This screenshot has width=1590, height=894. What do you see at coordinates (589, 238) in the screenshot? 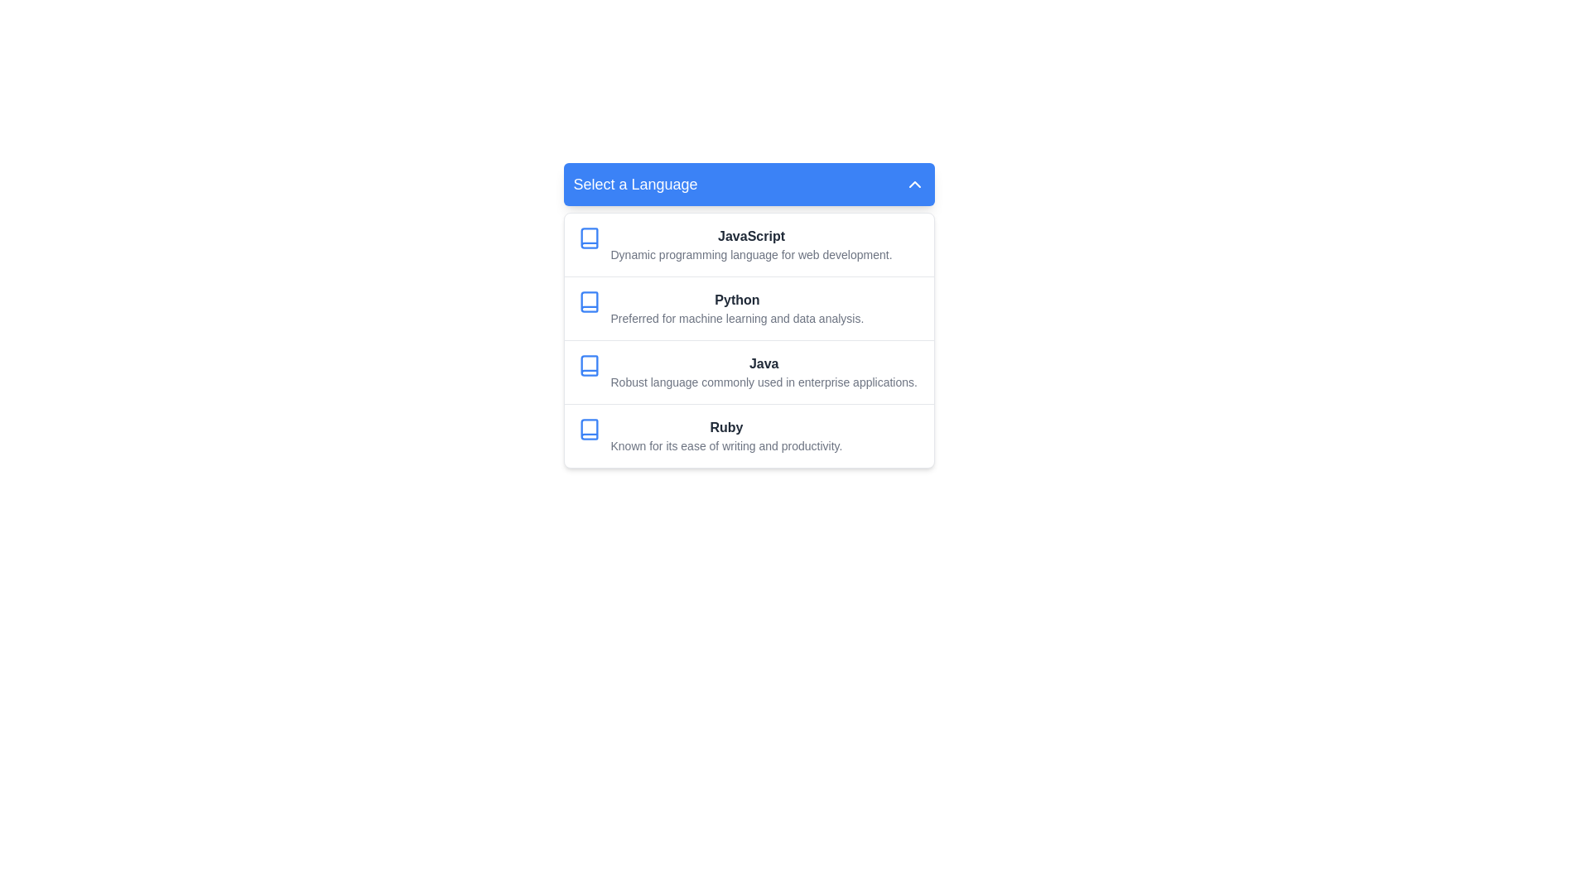
I see `the book icon, which features a stylized outline with a blue hue, located next to 'JavaScript' under the 'Select a Language' dropdown` at bounding box center [589, 238].